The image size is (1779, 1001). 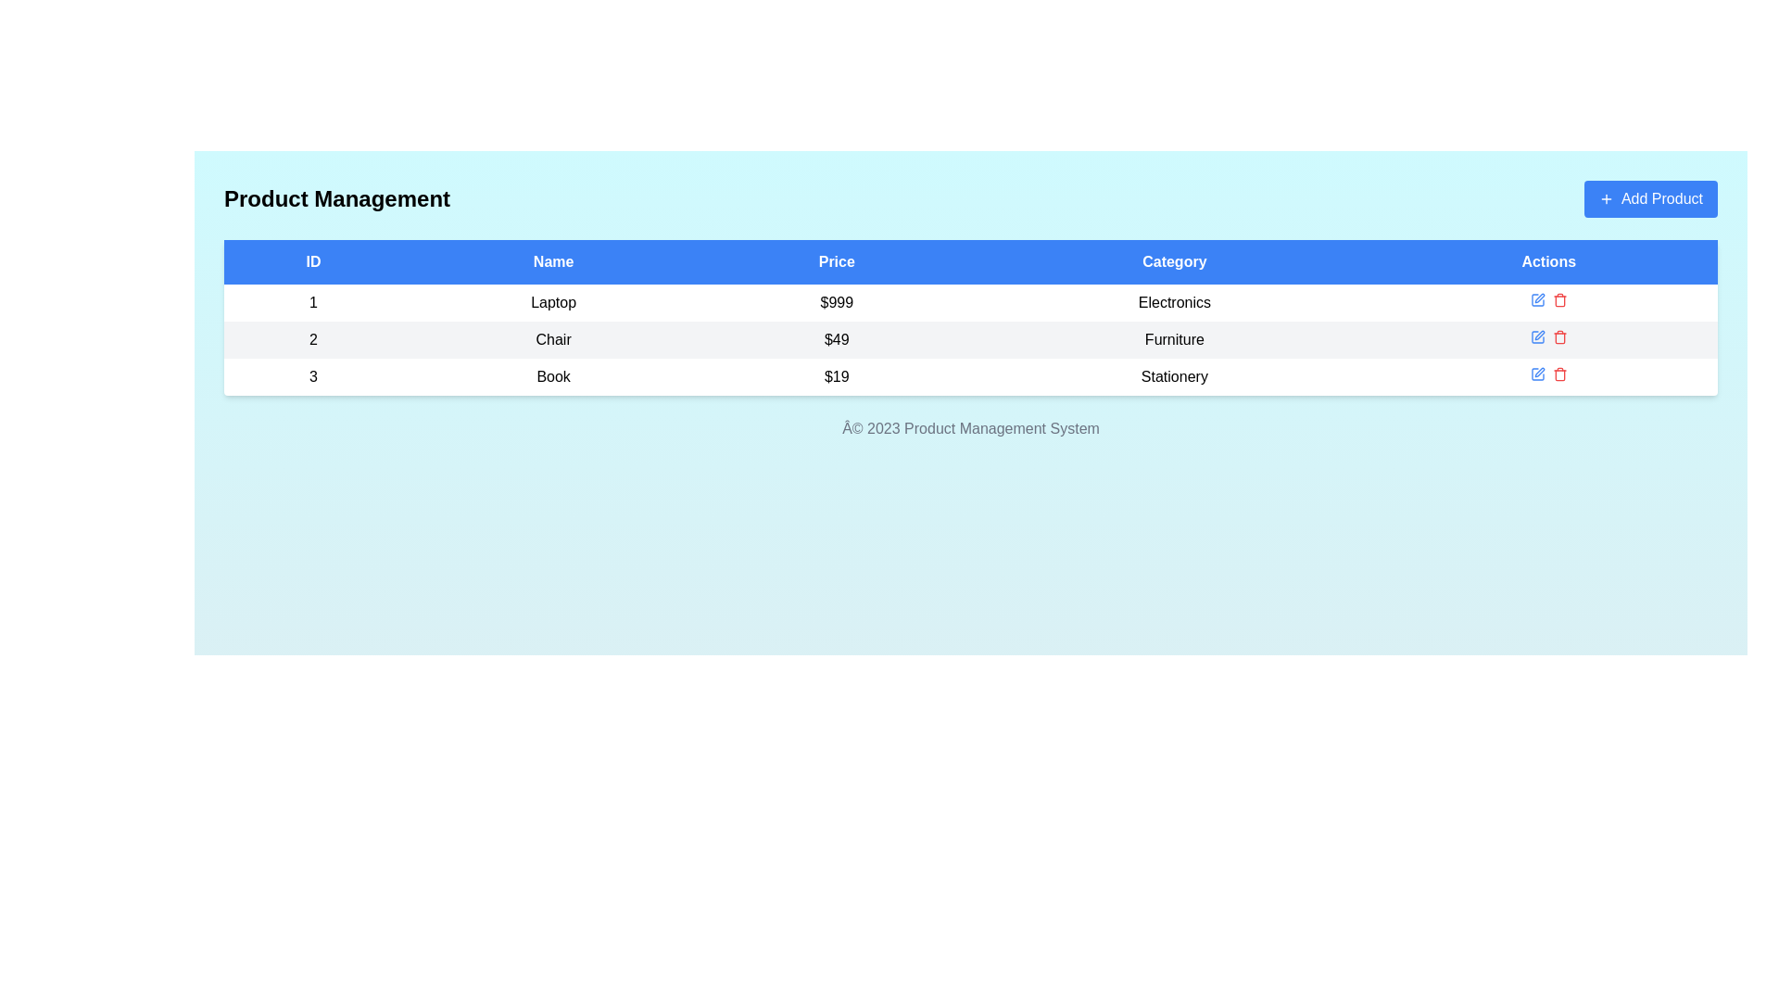 I want to click on the table cell displaying the numerical identifier '2' in bold black text, located in the second row and first column under 'ID', so click(x=313, y=339).